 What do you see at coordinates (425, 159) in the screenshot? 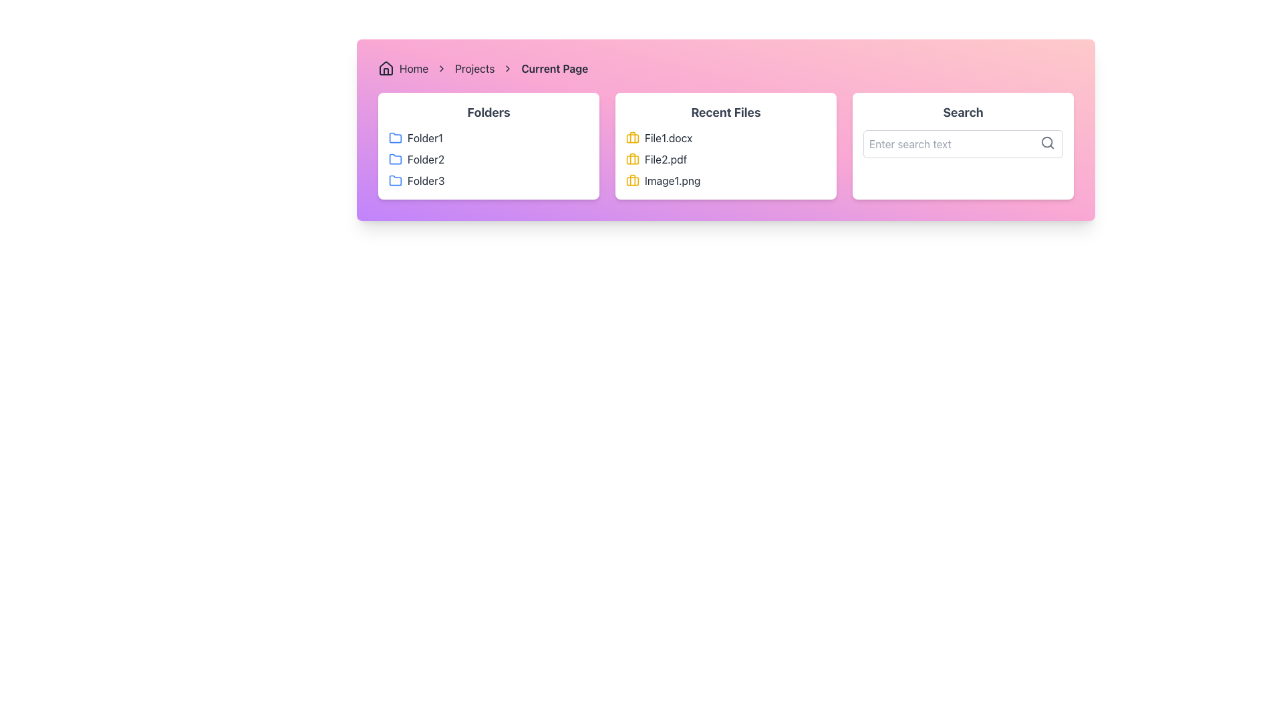
I see `the text label 'Folder2'` at bounding box center [425, 159].